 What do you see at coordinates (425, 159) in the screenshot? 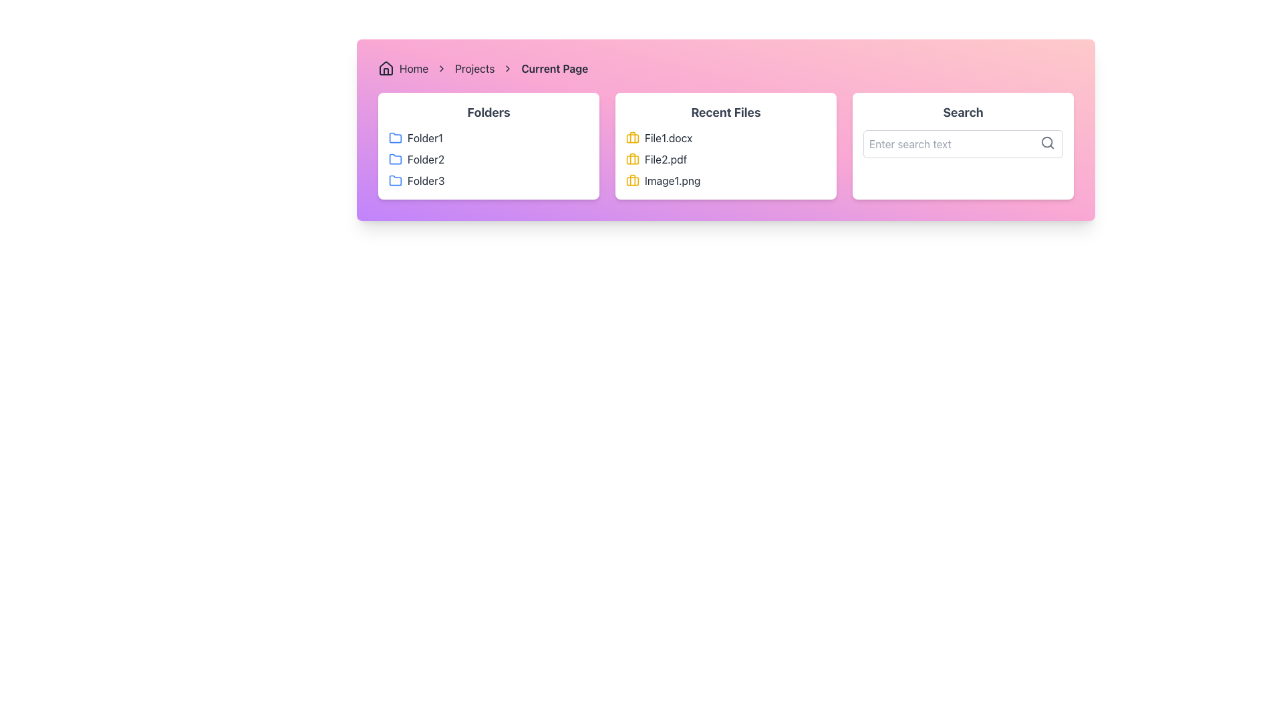
I see `the text label 'Folder2'` at bounding box center [425, 159].